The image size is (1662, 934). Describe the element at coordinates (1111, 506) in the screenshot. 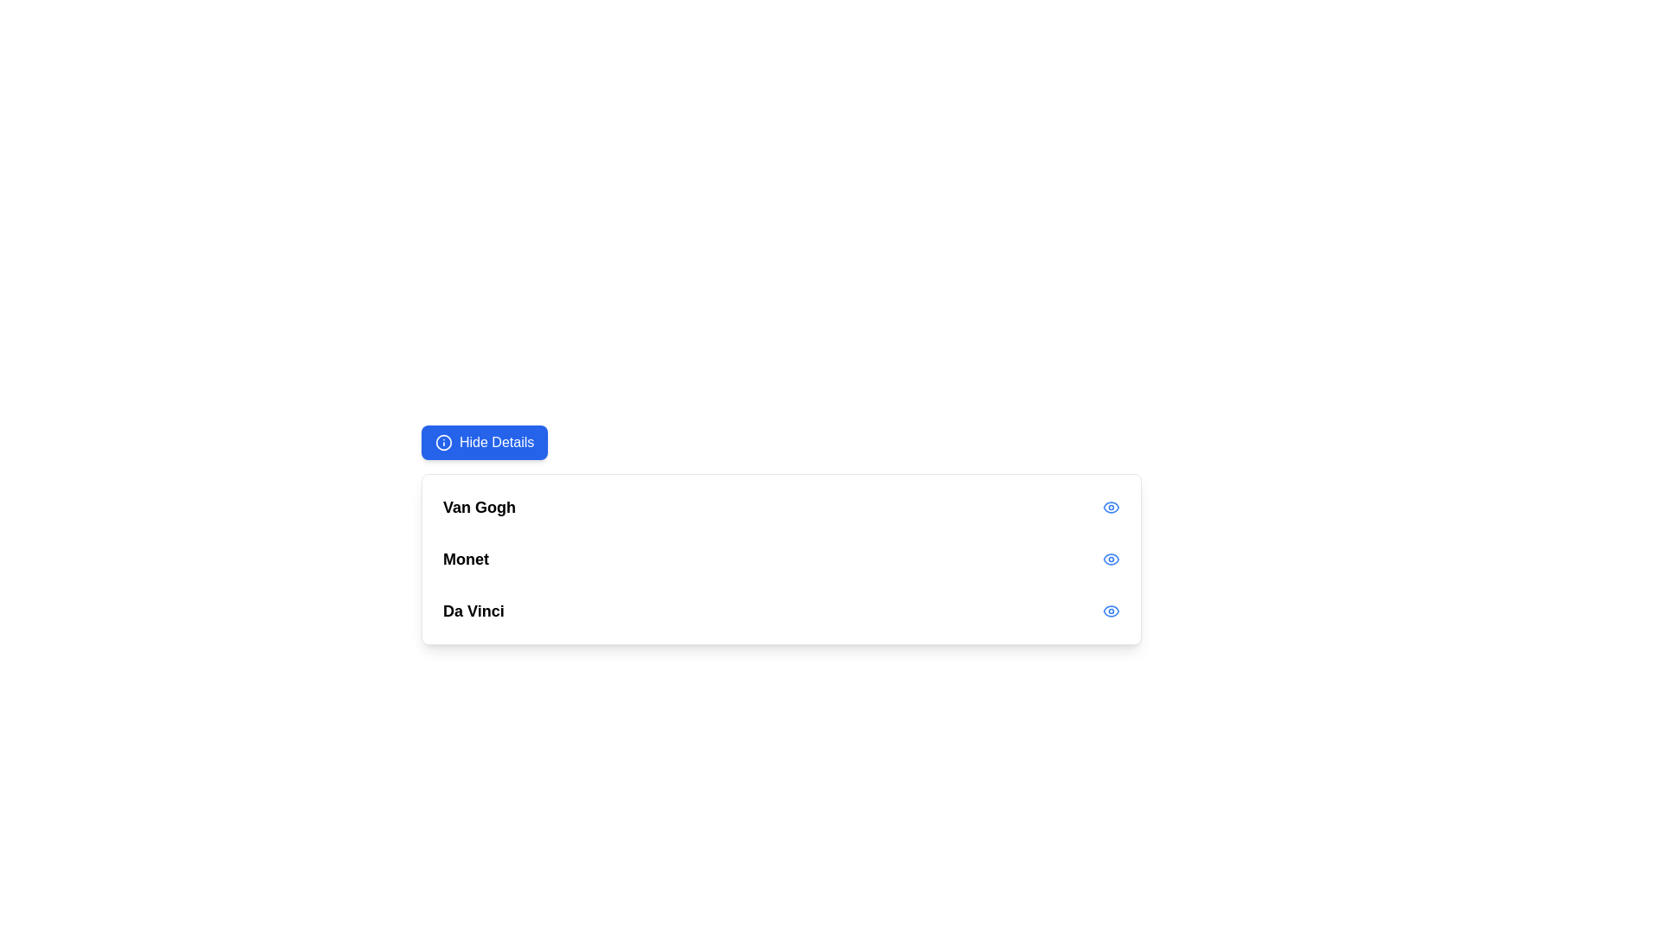

I see `the visibility toggle icon located at the rightmost portion of the 'Da Vinci' item in the list, which serves as a visual indicator for associated content` at that location.